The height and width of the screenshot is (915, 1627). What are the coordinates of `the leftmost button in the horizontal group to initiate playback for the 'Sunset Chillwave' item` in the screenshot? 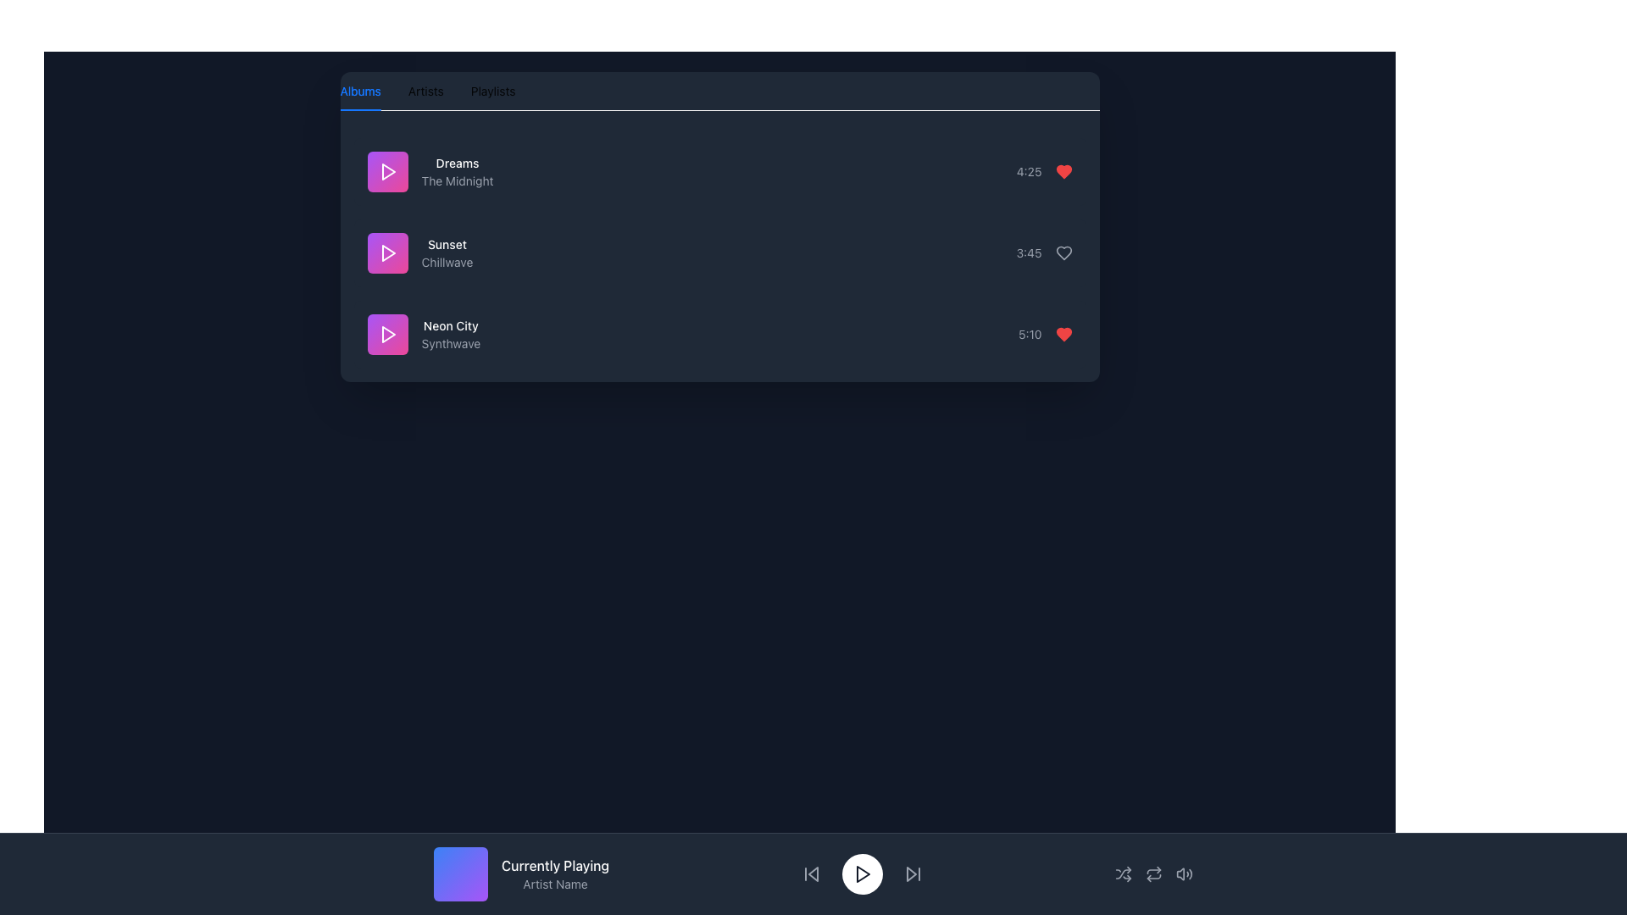 It's located at (386, 253).